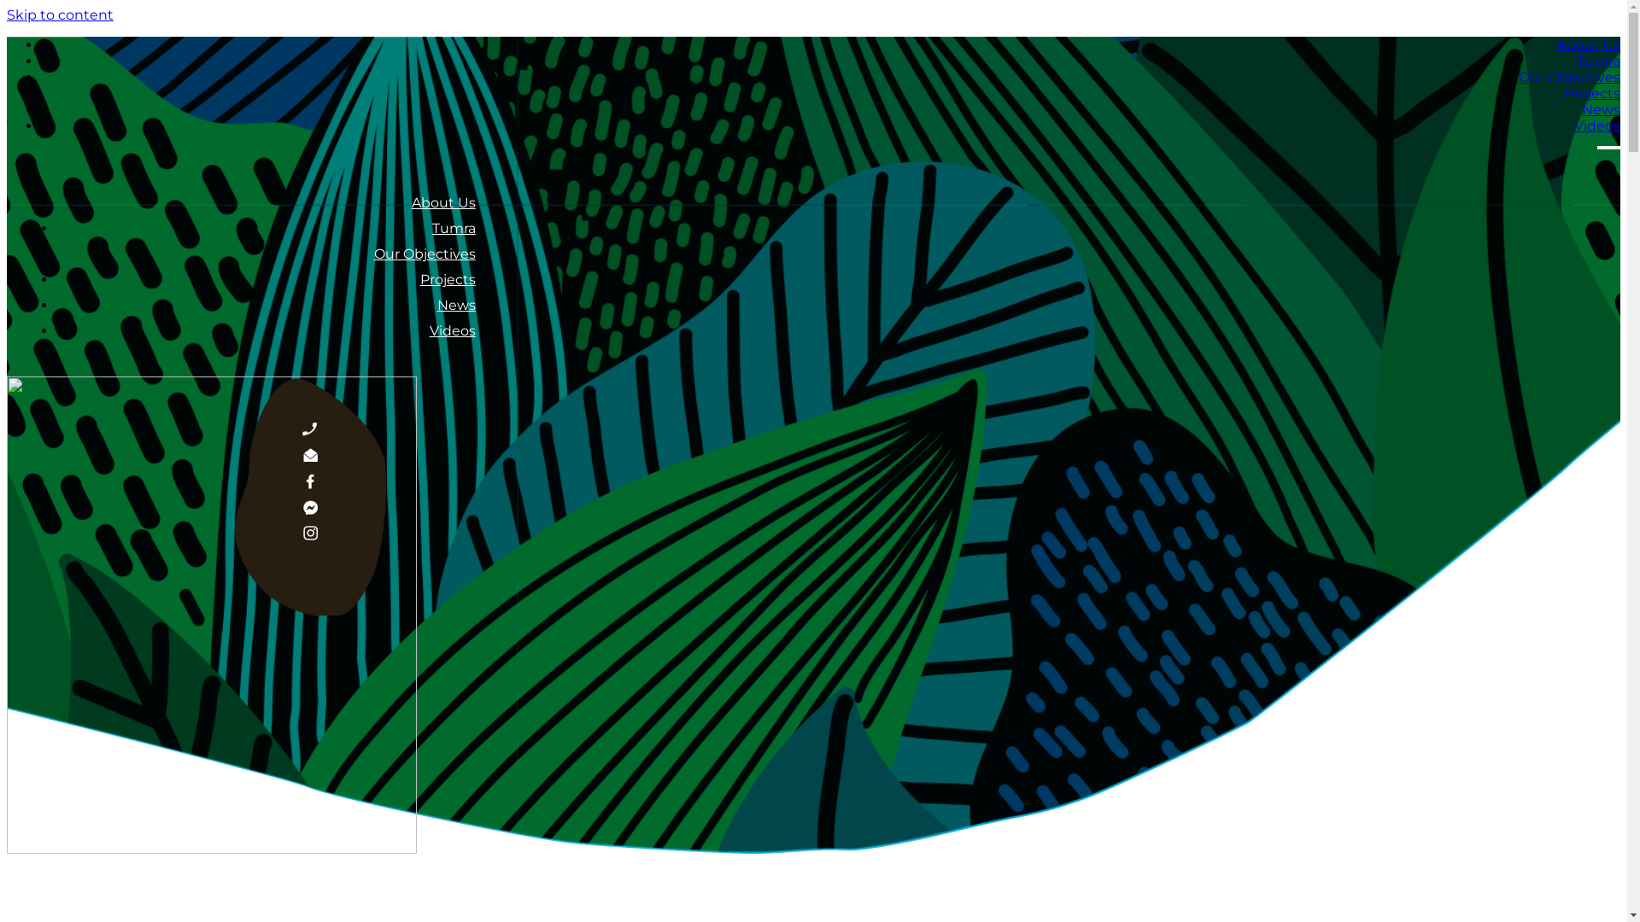  I want to click on 'News', so click(1600, 109).